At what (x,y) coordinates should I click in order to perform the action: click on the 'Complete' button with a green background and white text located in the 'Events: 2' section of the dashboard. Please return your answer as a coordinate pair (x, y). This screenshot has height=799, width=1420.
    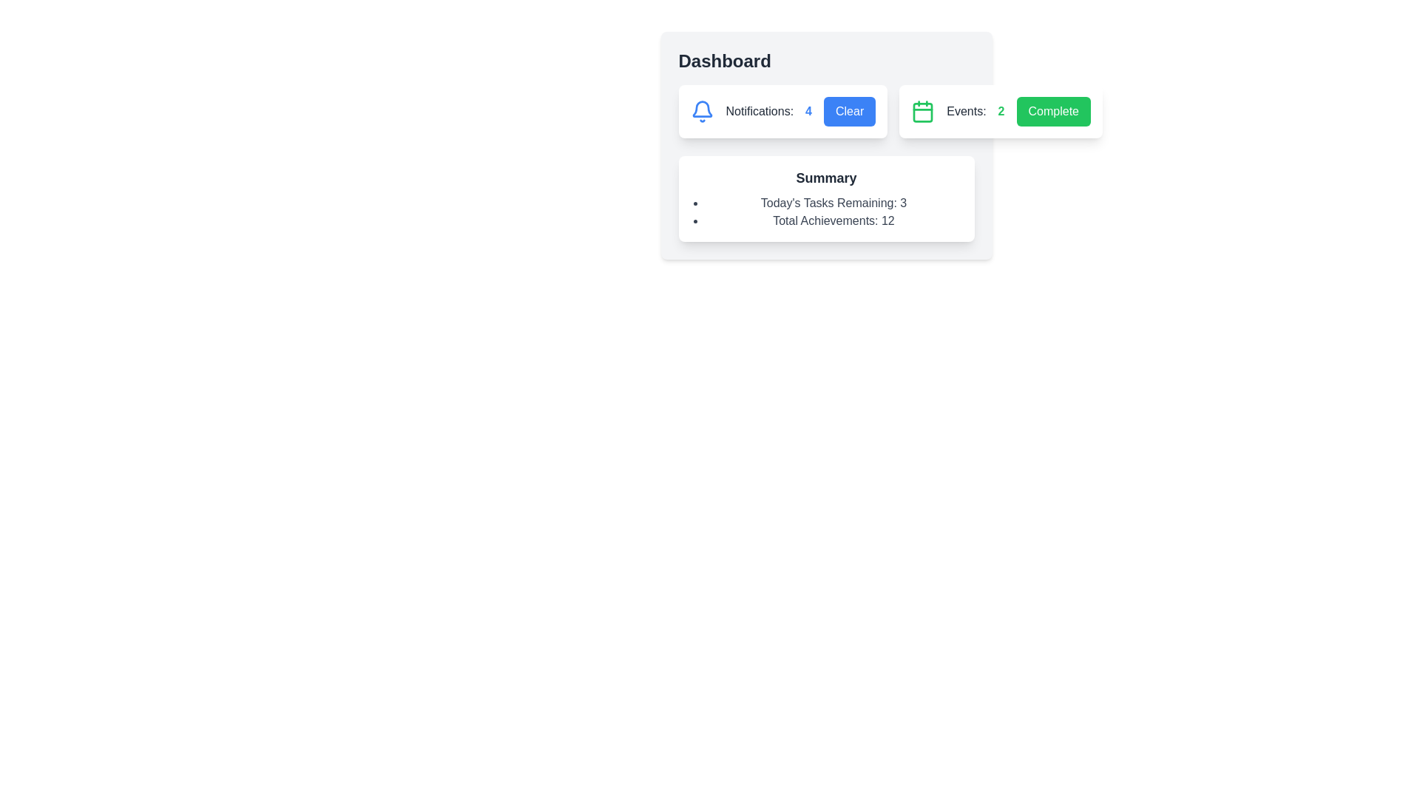
    Looking at the image, I should click on (1052, 110).